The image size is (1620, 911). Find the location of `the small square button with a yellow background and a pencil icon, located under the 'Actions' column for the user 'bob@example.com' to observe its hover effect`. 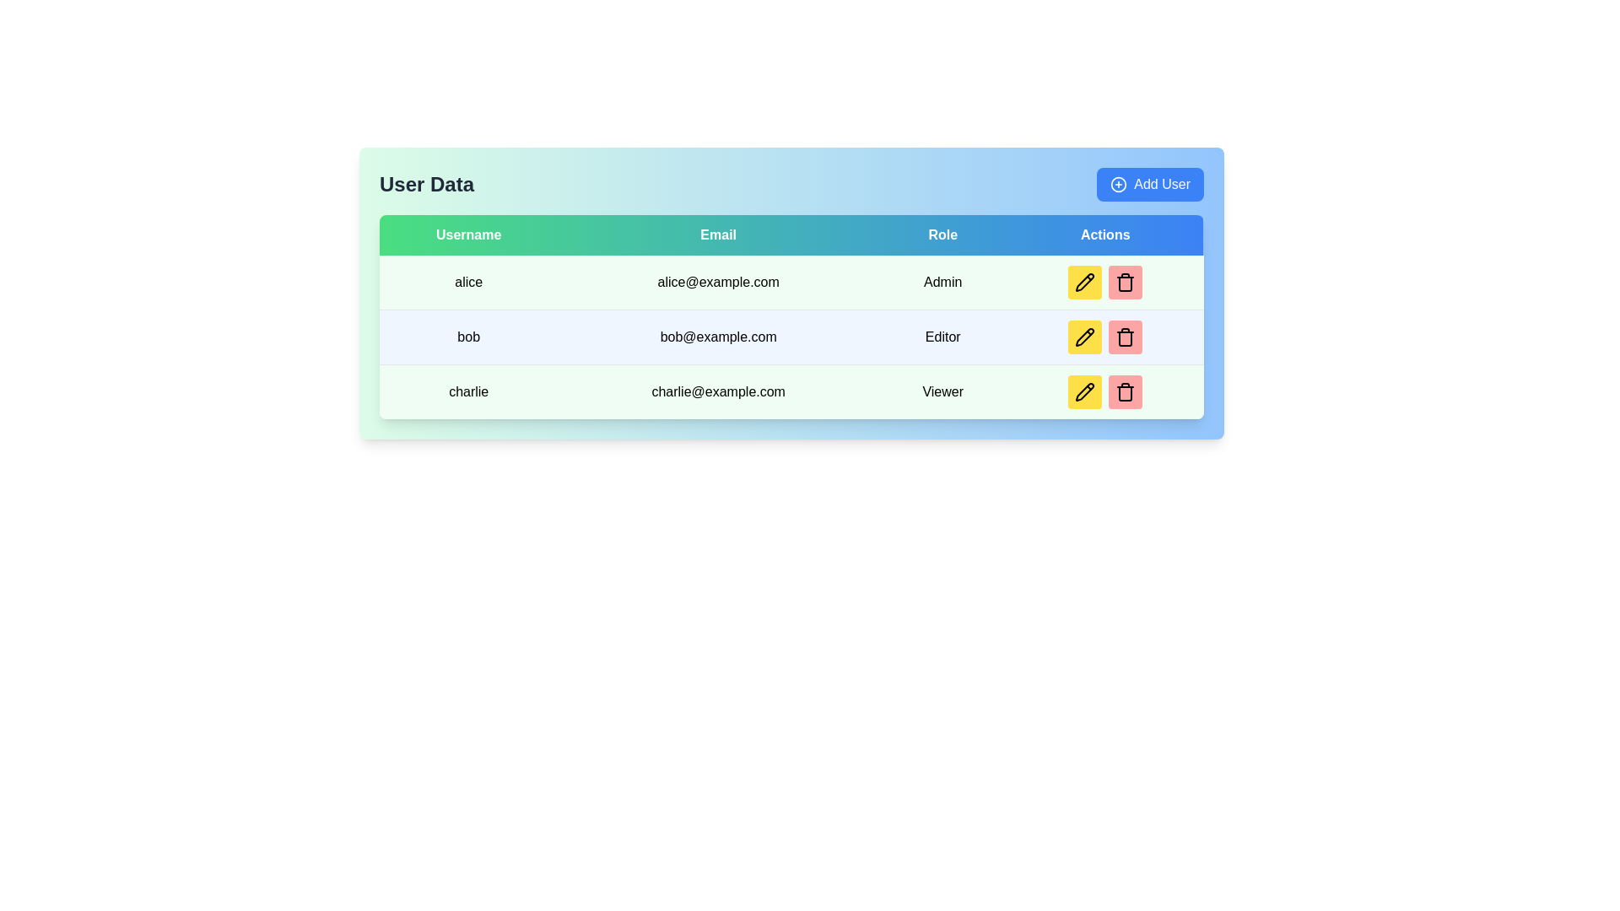

the small square button with a yellow background and a pencil icon, located under the 'Actions' column for the user 'bob@example.com' to observe its hover effect is located at coordinates (1085, 337).